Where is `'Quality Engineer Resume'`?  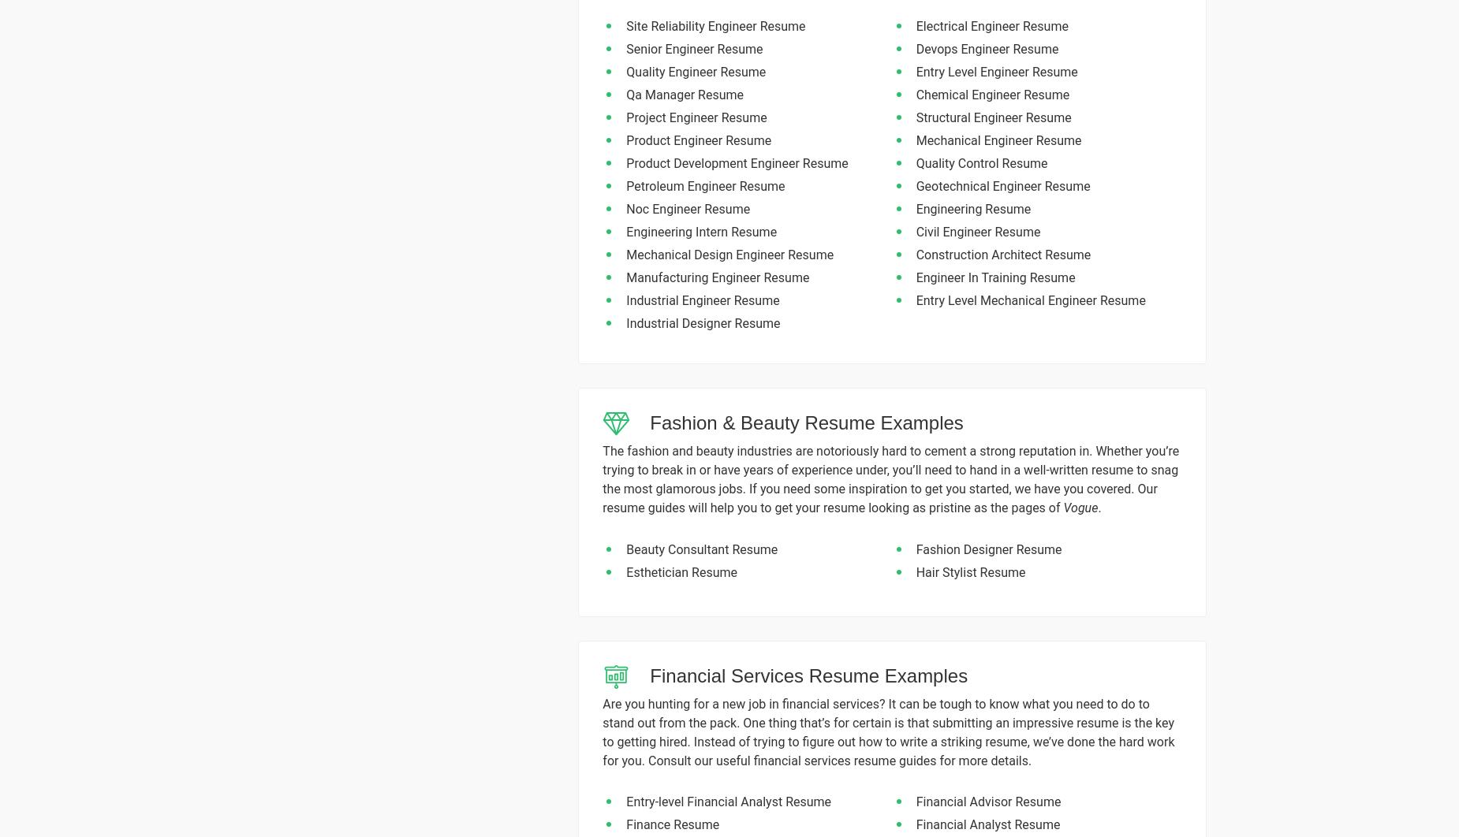
'Quality Engineer Resume' is located at coordinates (696, 71).